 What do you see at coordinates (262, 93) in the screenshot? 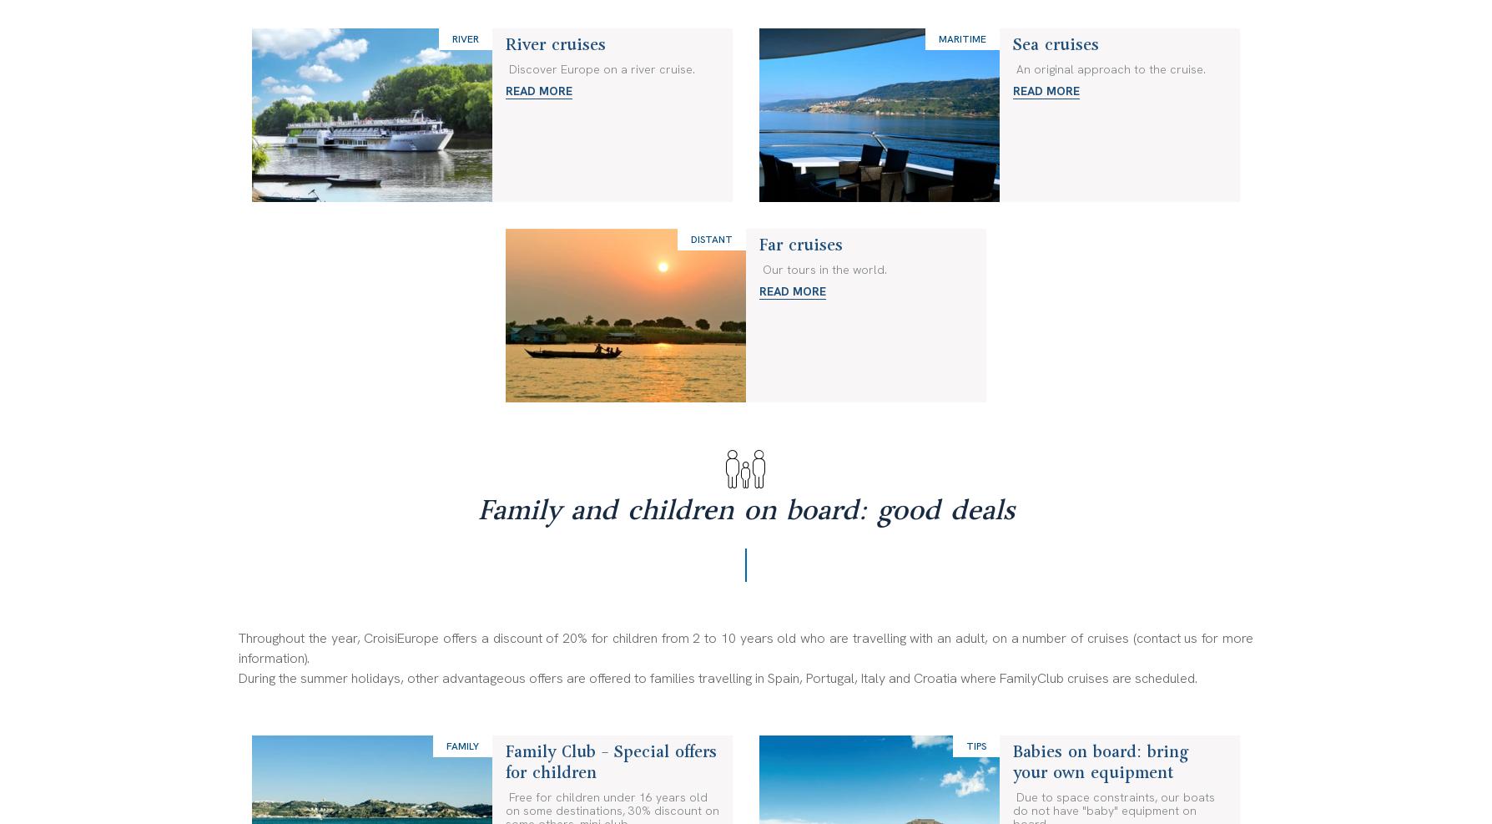
I see `'Our blog'` at bounding box center [262, 93].